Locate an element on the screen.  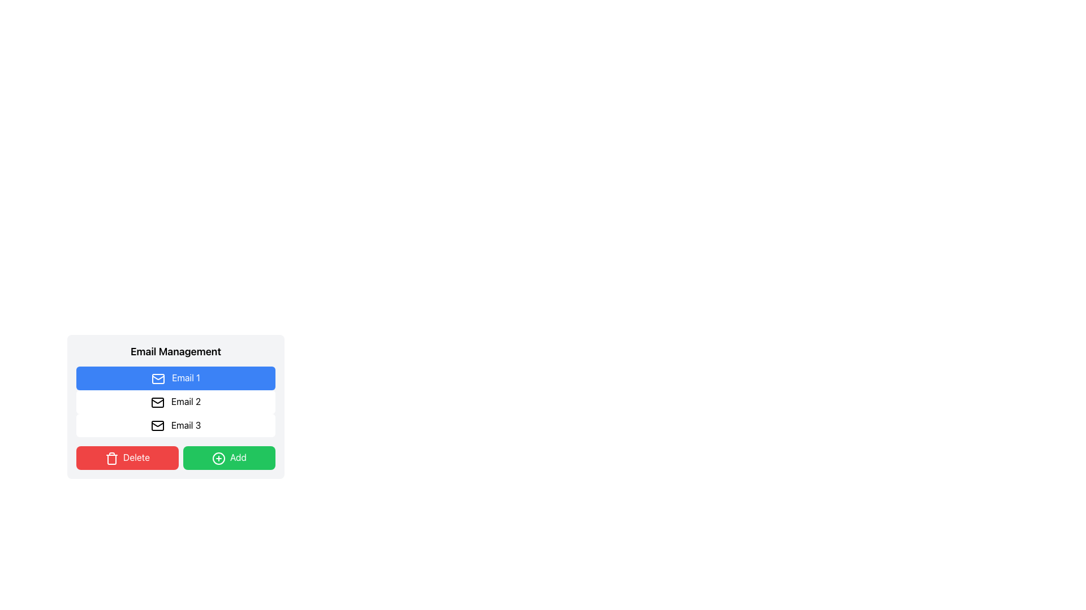
the green 'Add' button with white text and a plus icon is located at coordinates (229, 458).